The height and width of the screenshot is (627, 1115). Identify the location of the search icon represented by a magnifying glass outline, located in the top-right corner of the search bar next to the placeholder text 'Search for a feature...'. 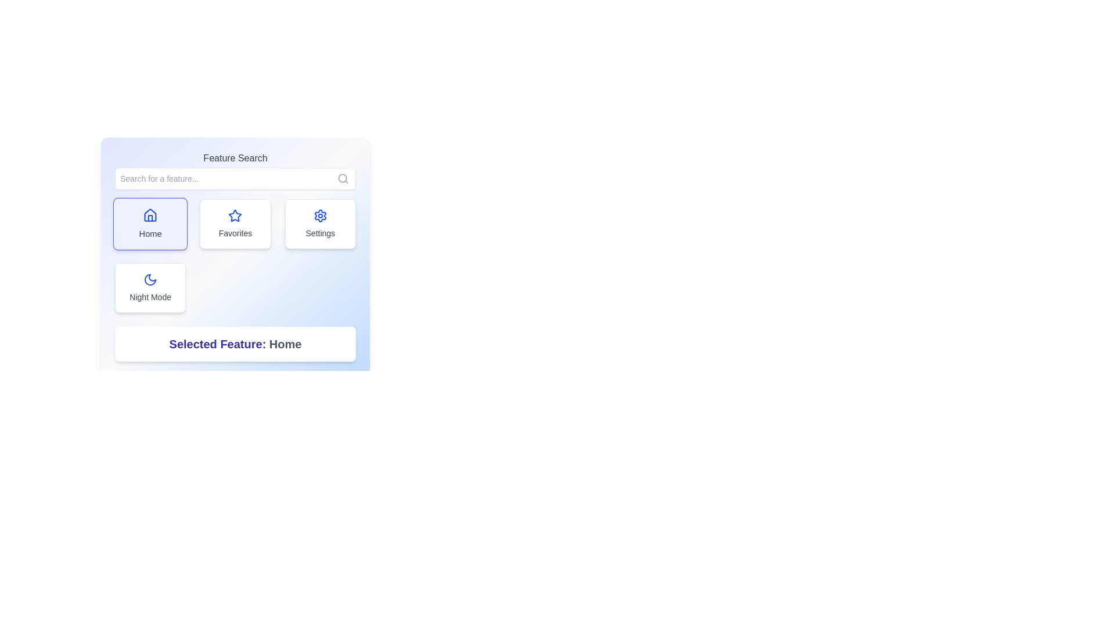
(342, 179).